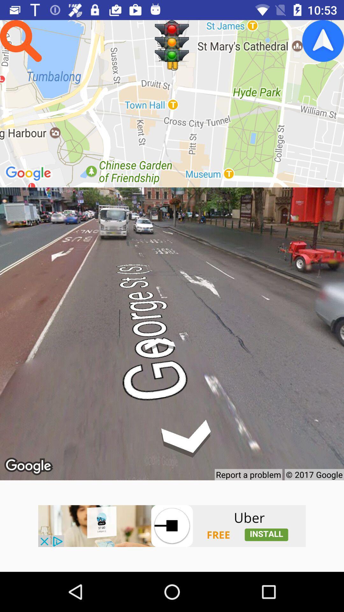 The image size is (344, 612). I want to click on search option, so click(20, 40).